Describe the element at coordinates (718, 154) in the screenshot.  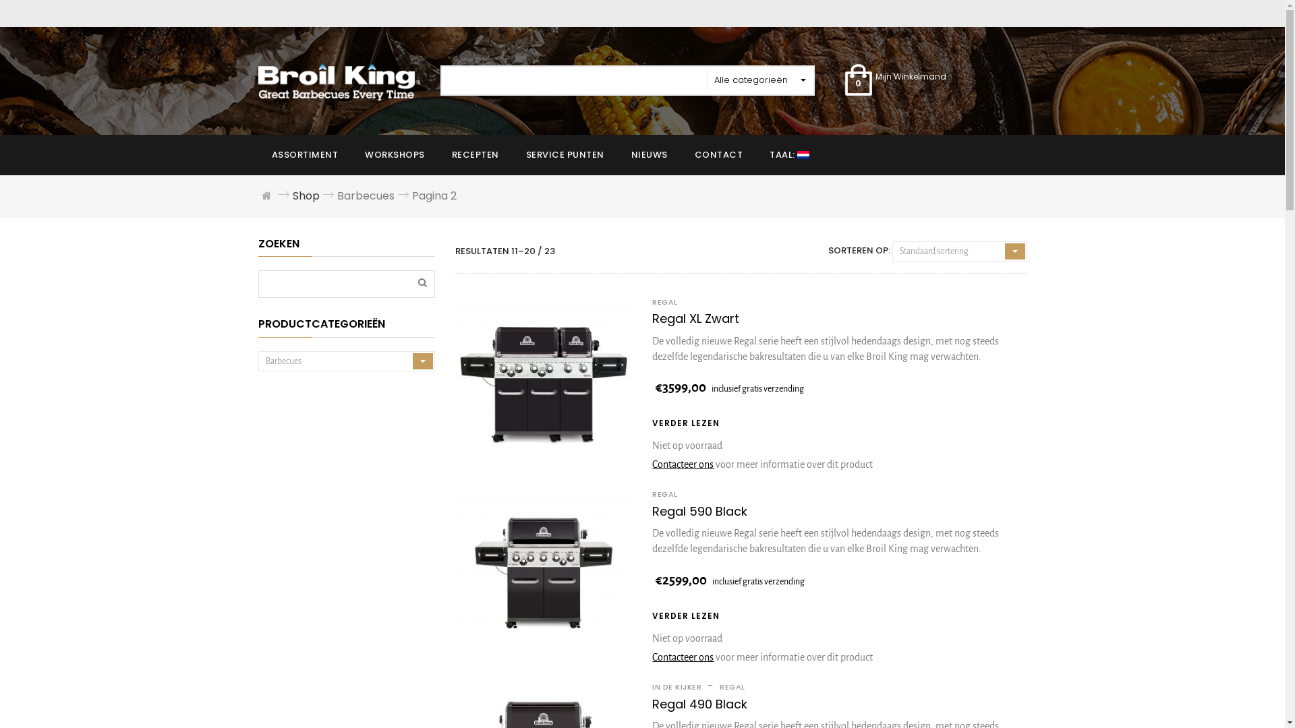
I see `'CONTACT'` at that location.